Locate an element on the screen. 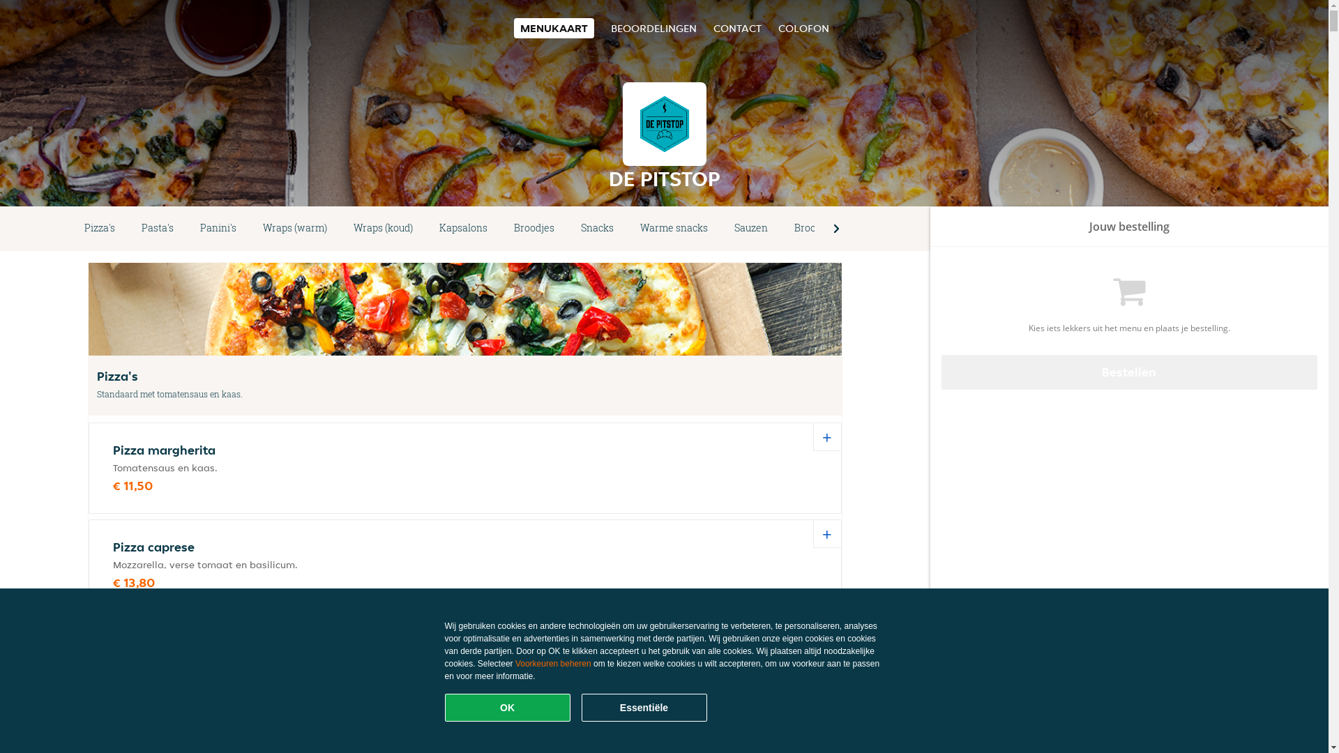  'MENUKAART' is located at coordinates (552, 28).